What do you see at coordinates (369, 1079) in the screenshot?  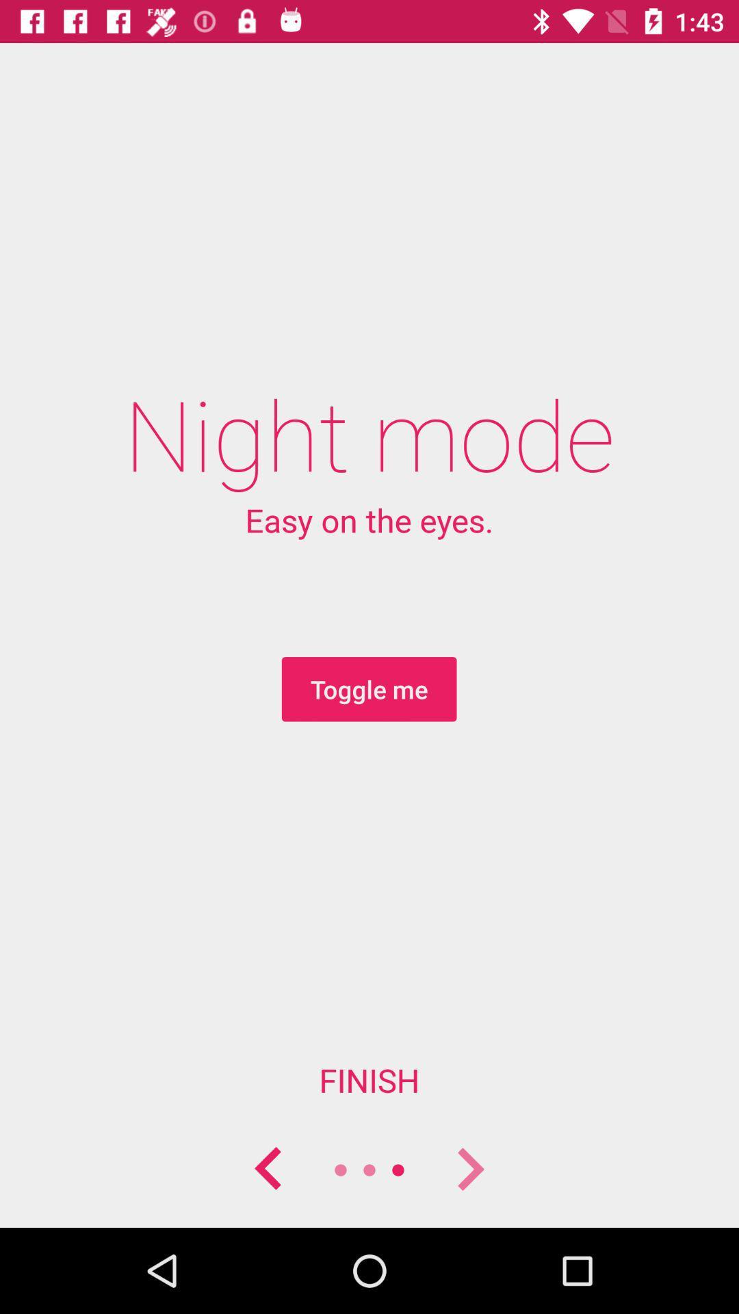 I see `item below the toggle me` at bounding box center [369, 1079].